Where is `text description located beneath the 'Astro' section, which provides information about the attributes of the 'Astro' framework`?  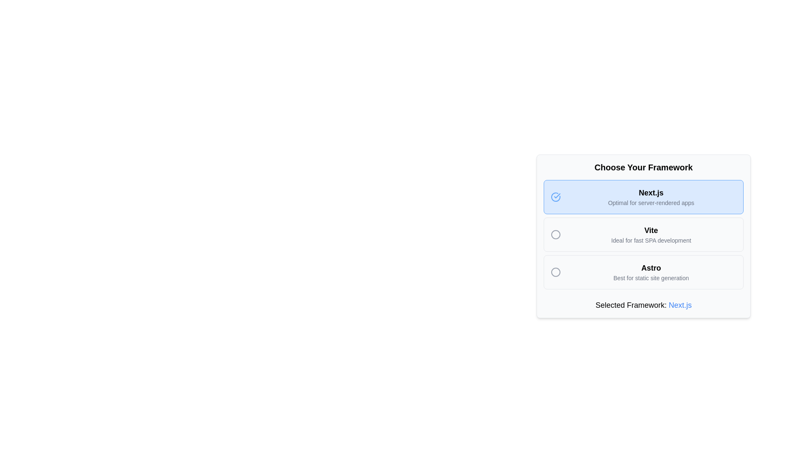 text description located beneath the 'Astro' section, which provides information about the attributes of the 'Astro' framework is located at coordinates (650, 278).